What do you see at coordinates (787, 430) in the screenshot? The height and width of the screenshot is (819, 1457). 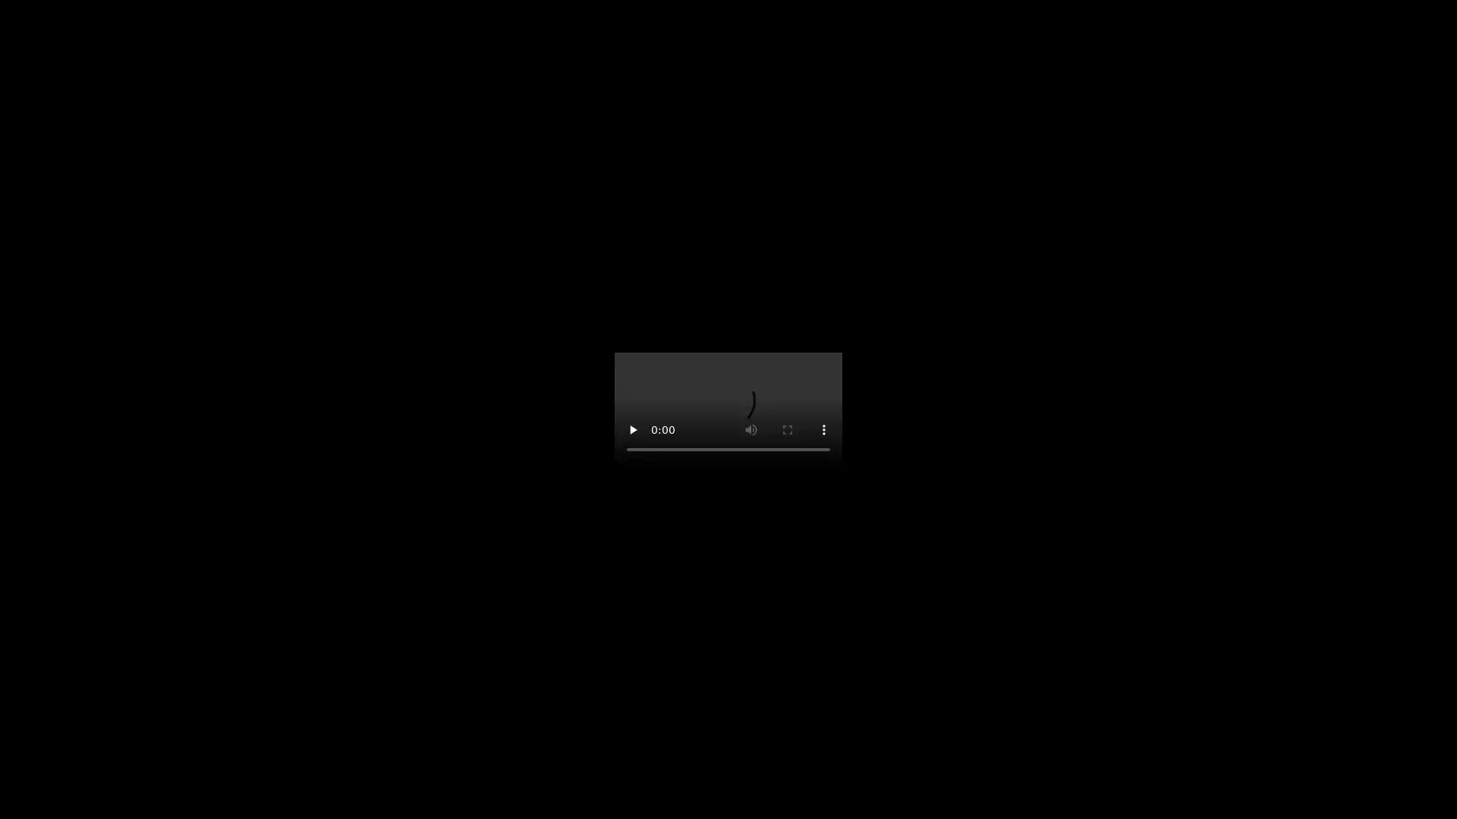 I see `enter full screen` at bounding box center [787, 430].